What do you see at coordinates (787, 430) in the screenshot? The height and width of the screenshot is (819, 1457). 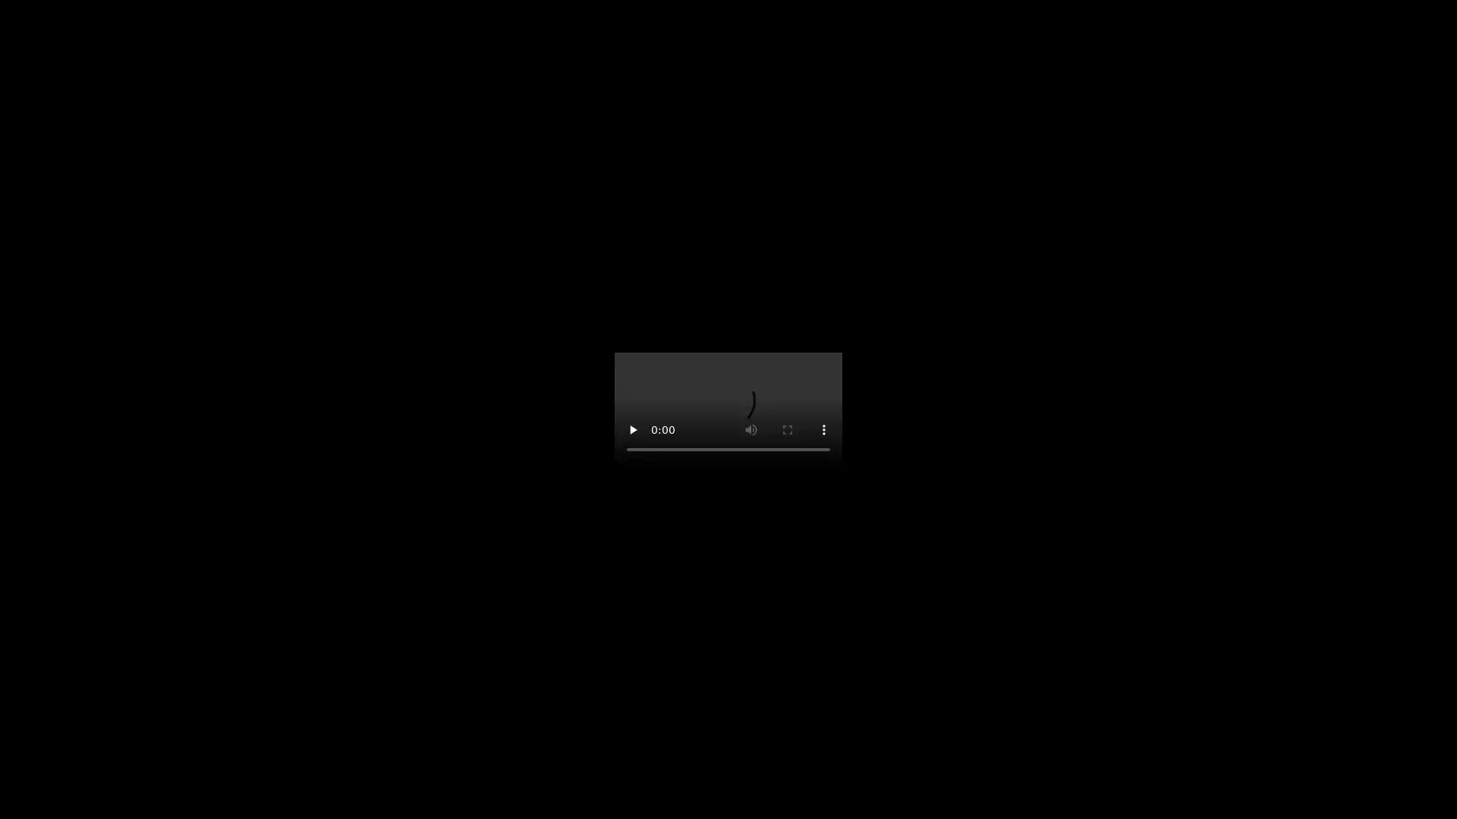 I see `enter full screen` at bounding box center [787, 430].